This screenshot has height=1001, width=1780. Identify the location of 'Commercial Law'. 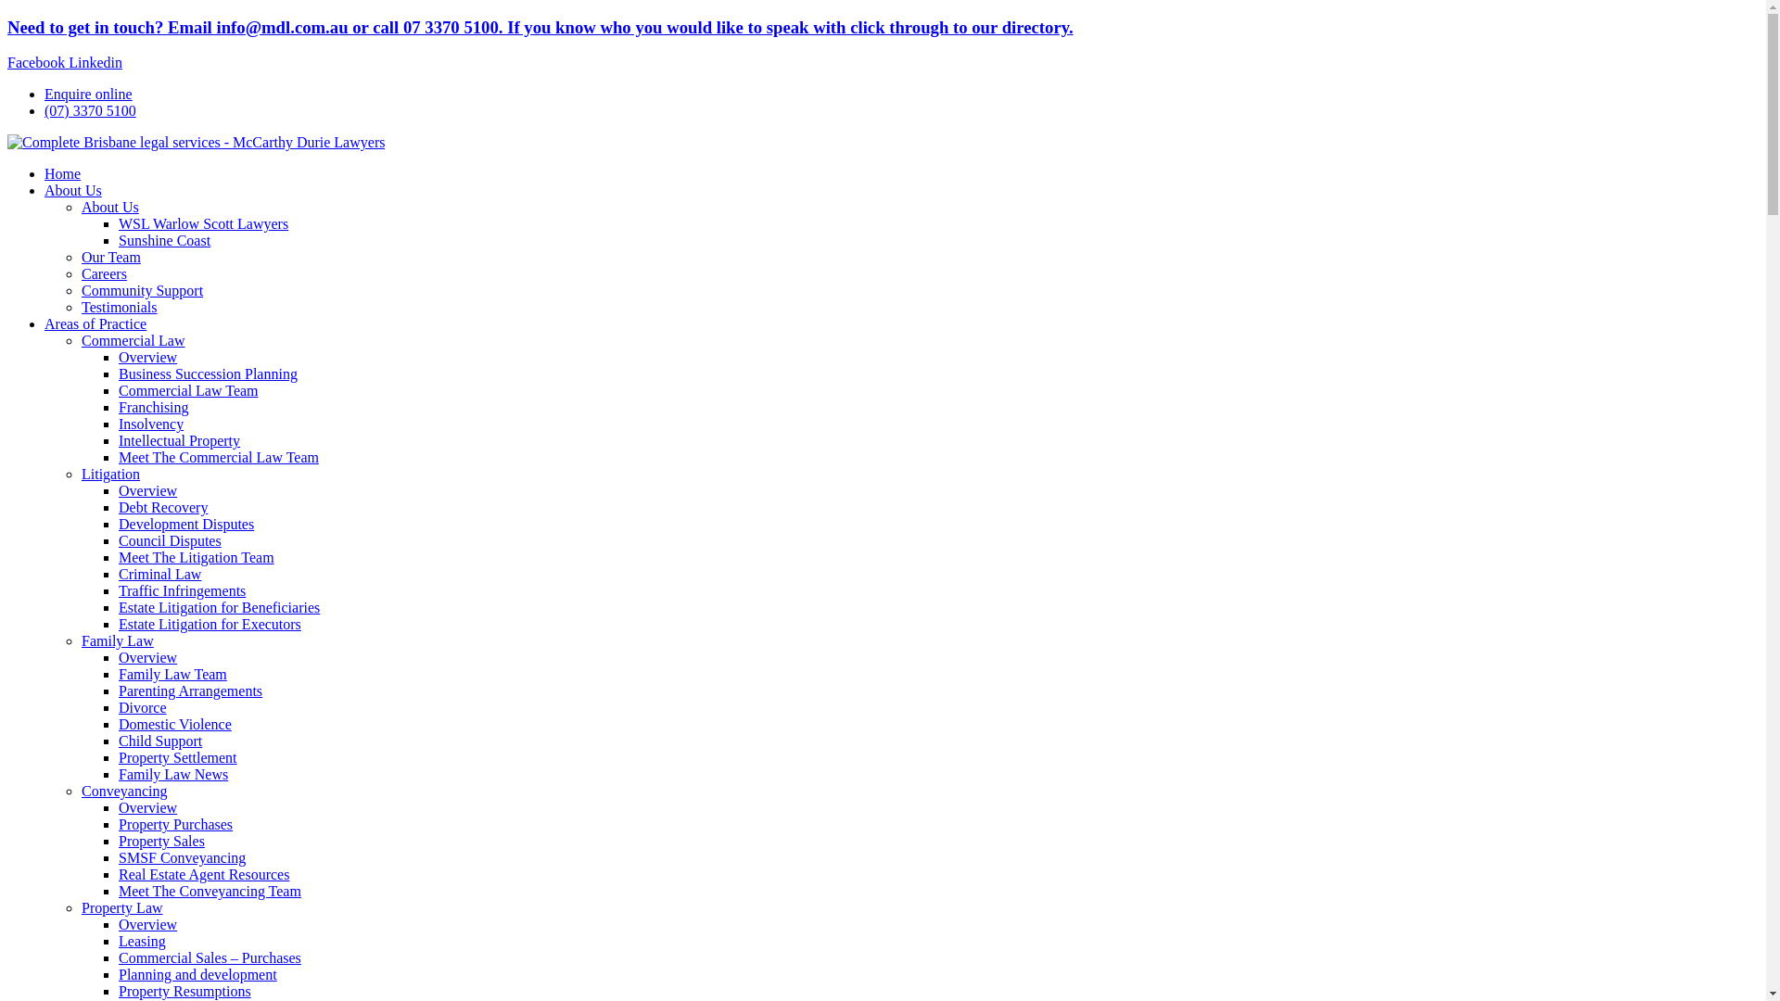
(80, 340).